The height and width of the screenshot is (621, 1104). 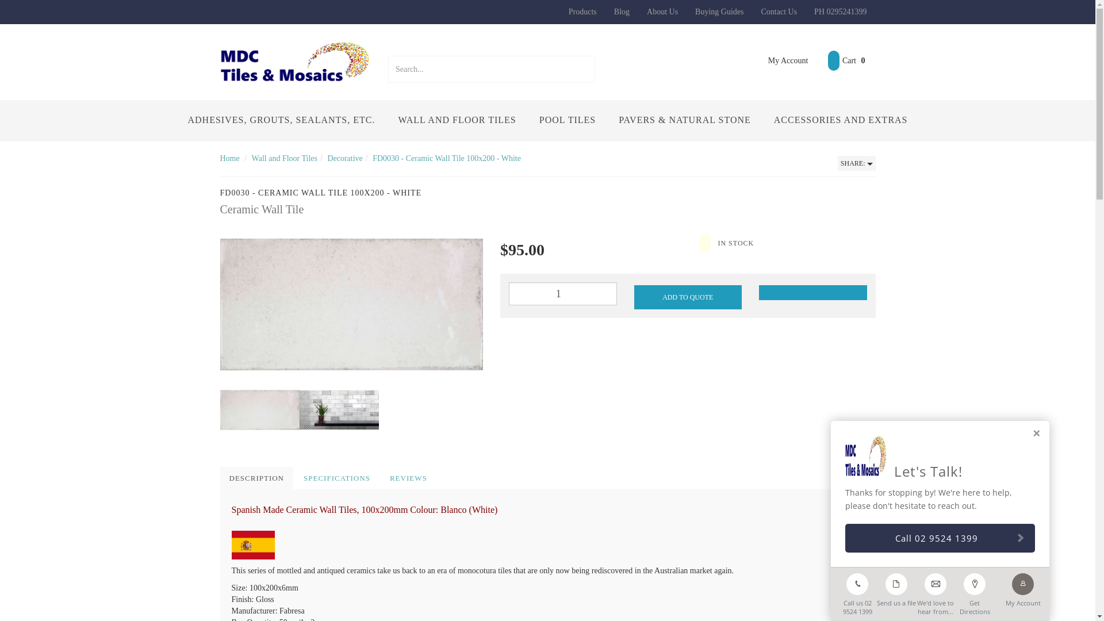 What do you see at coordinates (719, 11) in the screenshot?
I see `'Buying Guides'` at bounding box center [719, 11].